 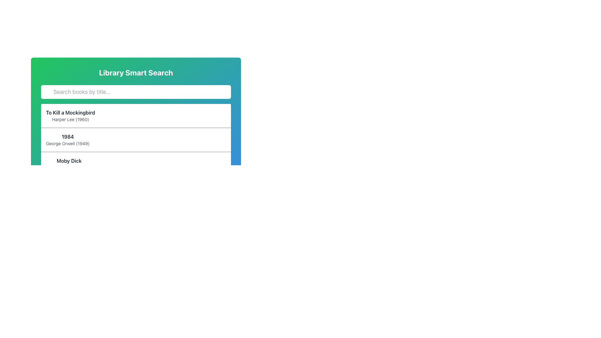 I want to click on the third book entry in the library search results, which displays the title, author, and publication year, so click(x=69, y=164).